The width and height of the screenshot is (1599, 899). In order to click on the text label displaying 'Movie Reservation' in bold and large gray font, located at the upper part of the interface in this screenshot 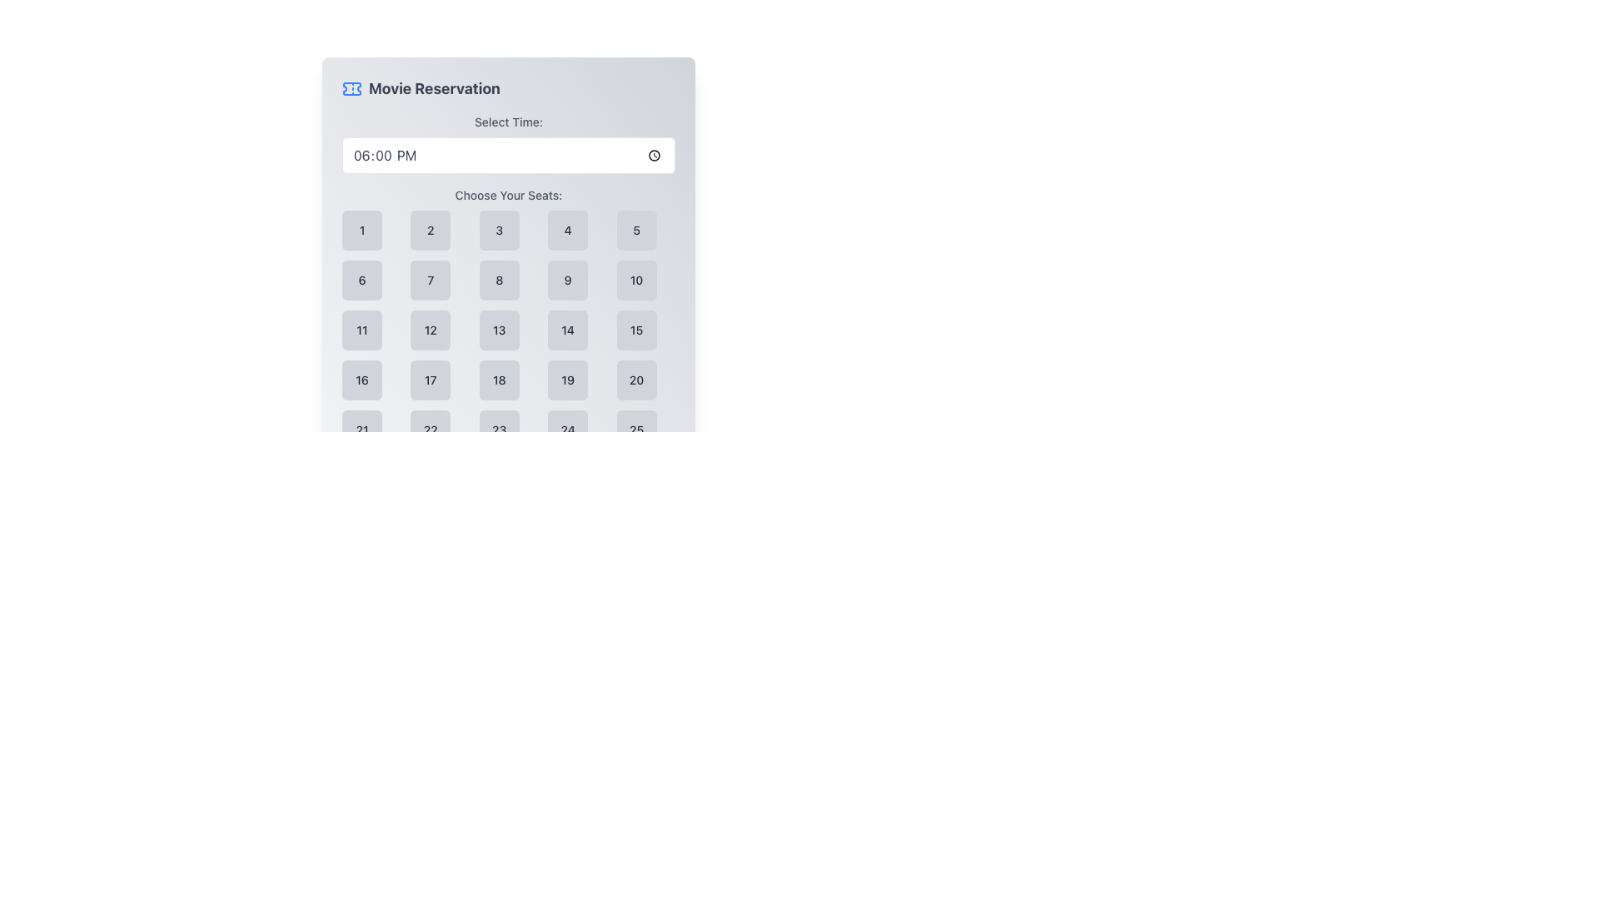, I will do `click(434, 89)`.